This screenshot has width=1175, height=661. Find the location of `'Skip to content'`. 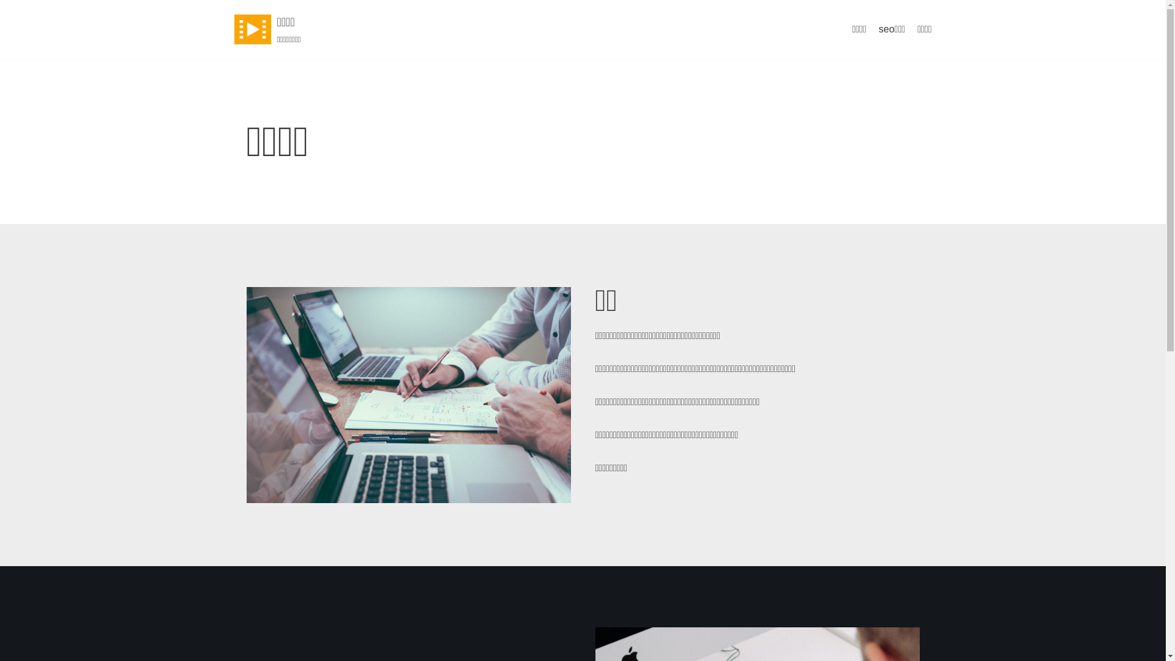

'Skip to content' is located at coordinates (12, 6).